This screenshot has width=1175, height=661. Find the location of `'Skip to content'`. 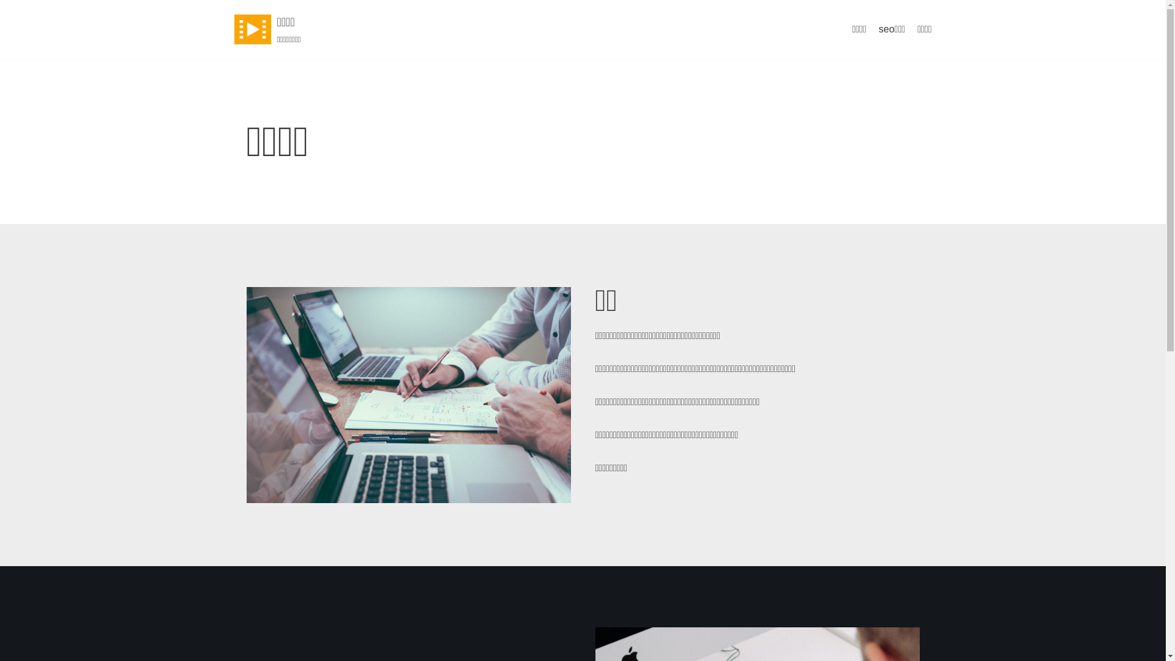

'Skip to content' is located at coordinates (12, 6).